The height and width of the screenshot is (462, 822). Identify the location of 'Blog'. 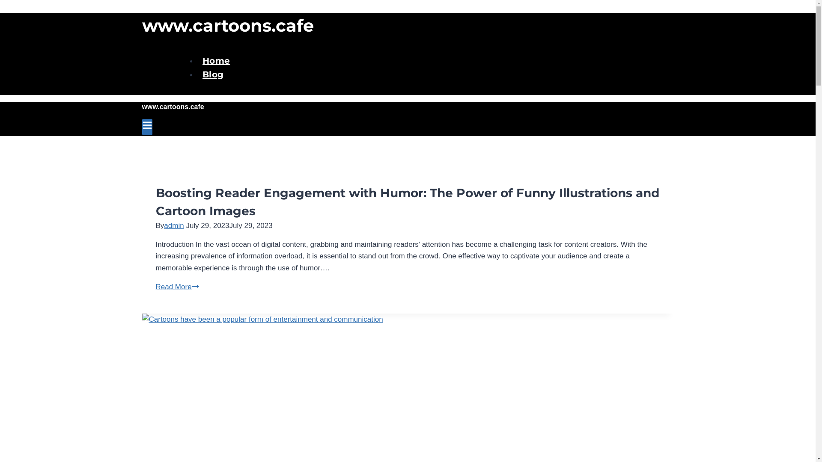
(213, 74).